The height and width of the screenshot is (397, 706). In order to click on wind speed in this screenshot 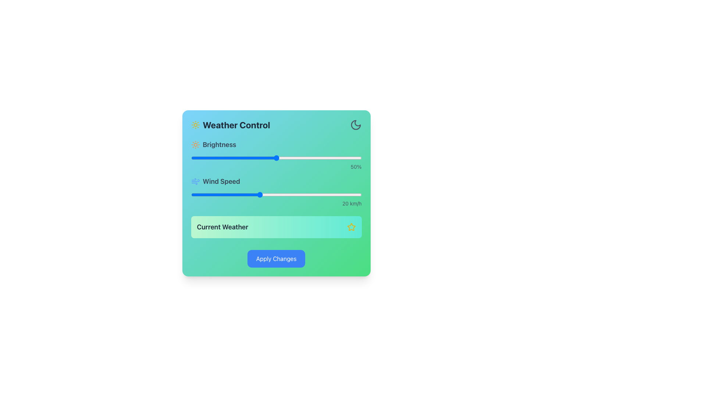, I will do `click(204, 194)`.